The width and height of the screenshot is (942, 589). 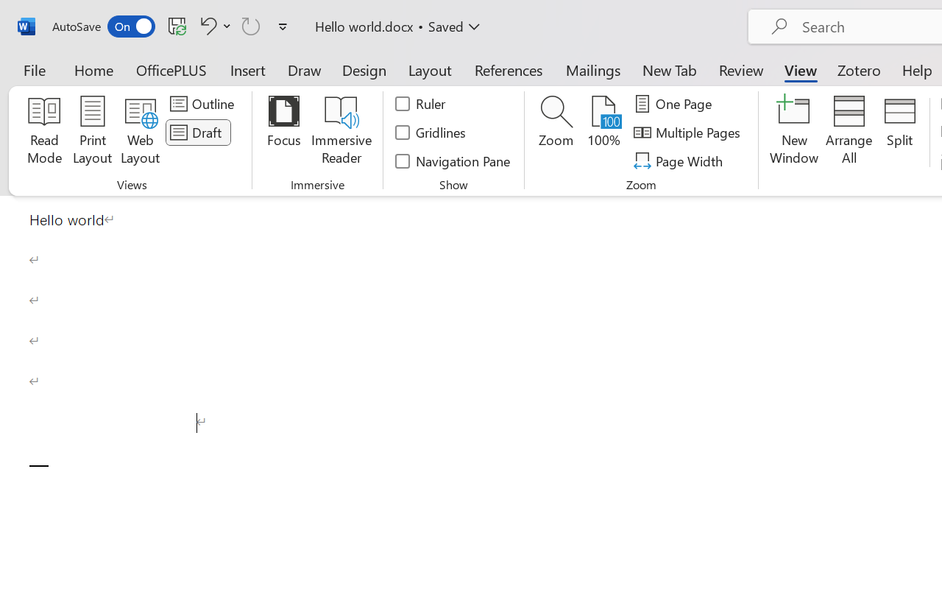 I want to click on 'File Tab', so click(x=34, y=69).